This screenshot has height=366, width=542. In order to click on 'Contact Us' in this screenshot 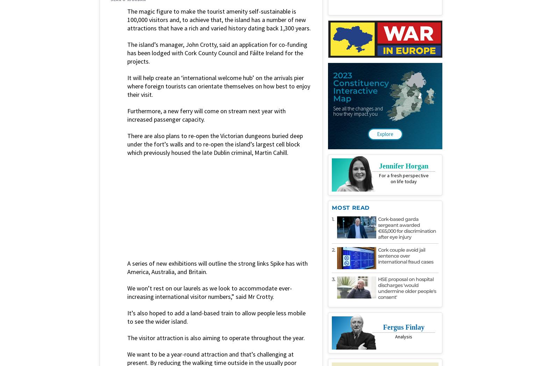, I will do `click(324, 272)`.